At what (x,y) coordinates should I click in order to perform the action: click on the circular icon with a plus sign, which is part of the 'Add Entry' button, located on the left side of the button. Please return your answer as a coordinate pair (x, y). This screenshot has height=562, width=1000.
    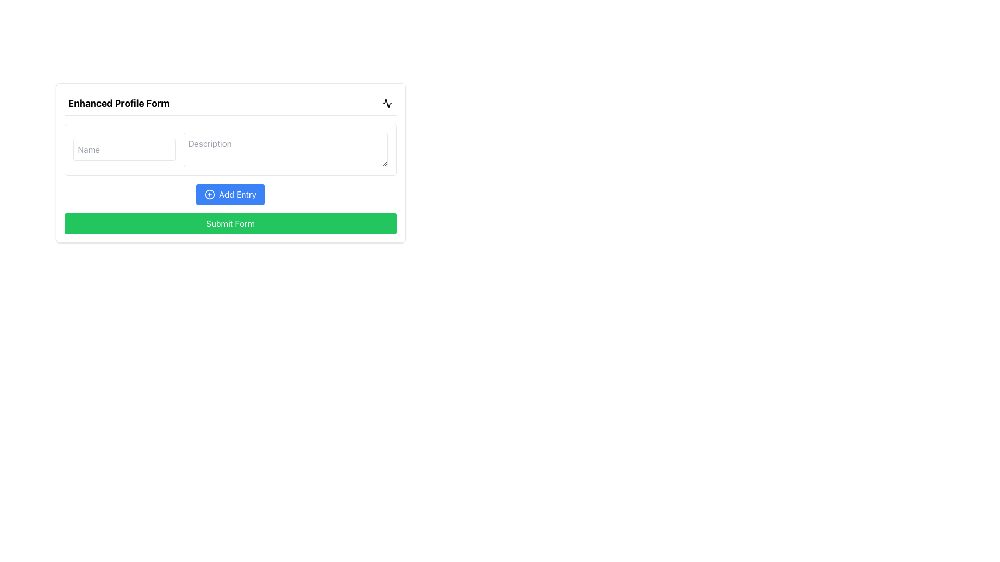
    Looking at the image, I should click on (209, 195).